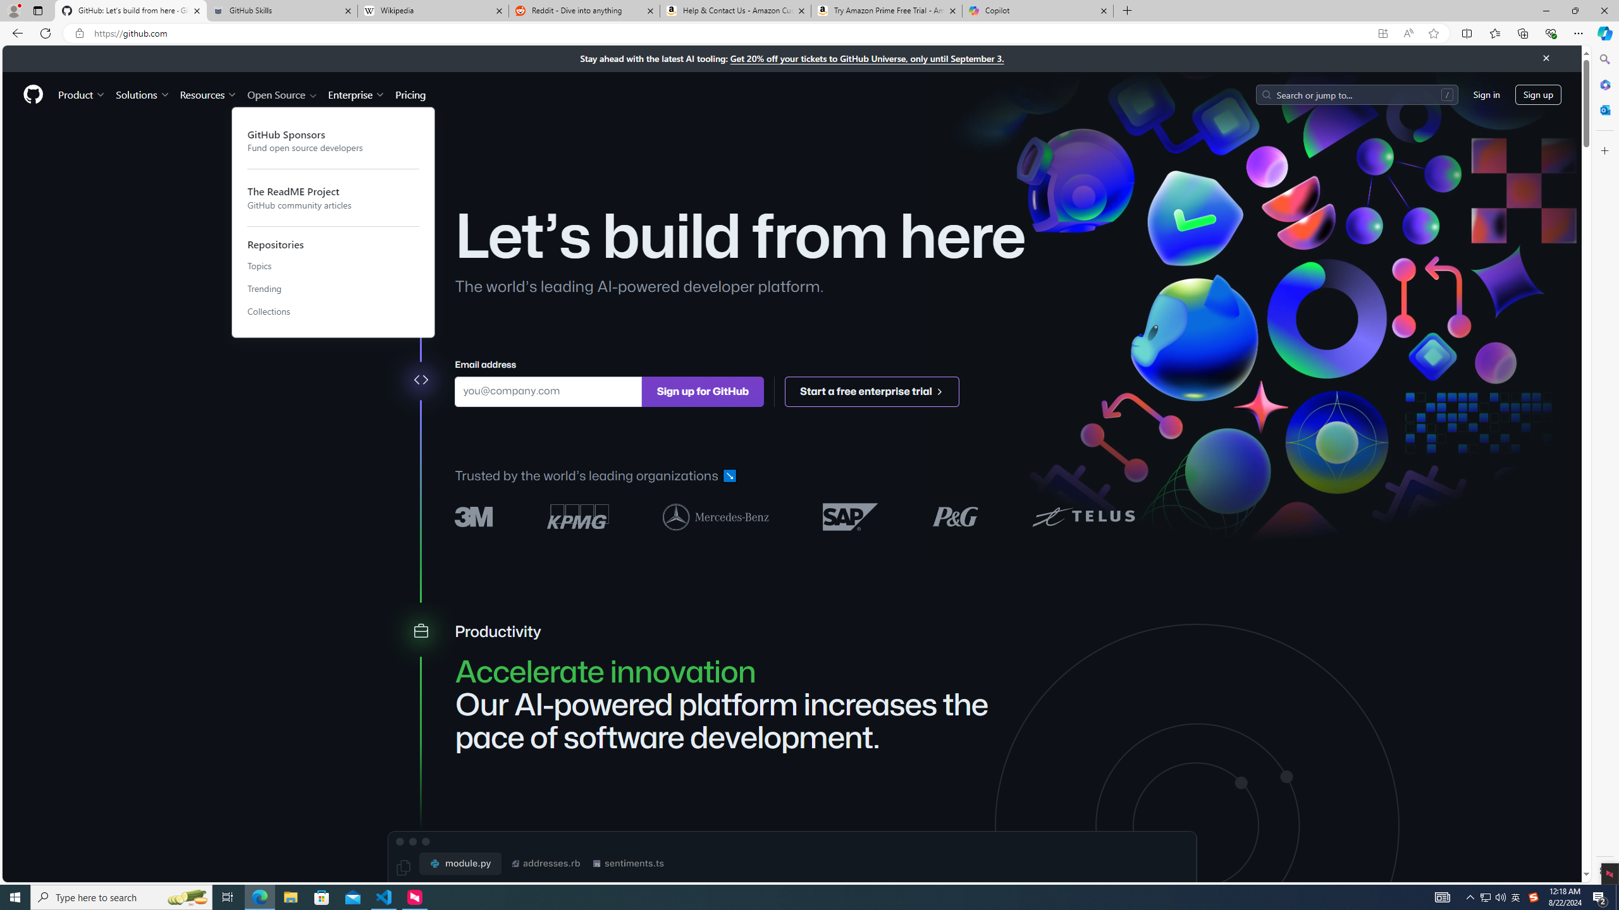 The width and height of the screenshot is (1619, 910). Describe the element at coordinates (547, 391) in the screenshot. I see `'Email address'` at that location.